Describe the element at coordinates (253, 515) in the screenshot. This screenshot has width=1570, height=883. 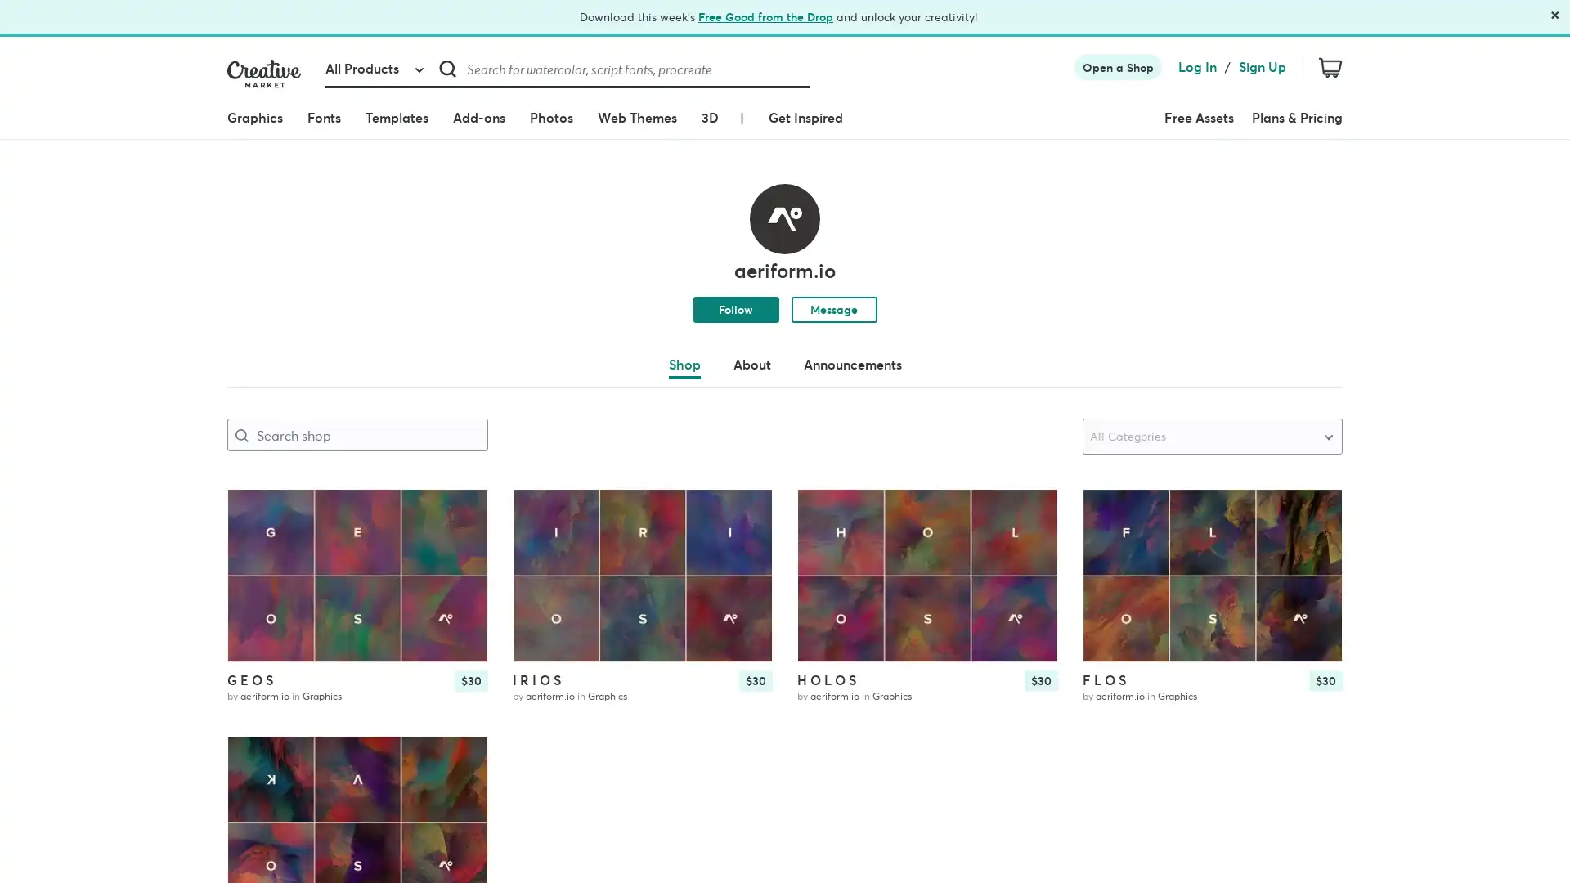
I see `Pin to Pinterest` at that location.